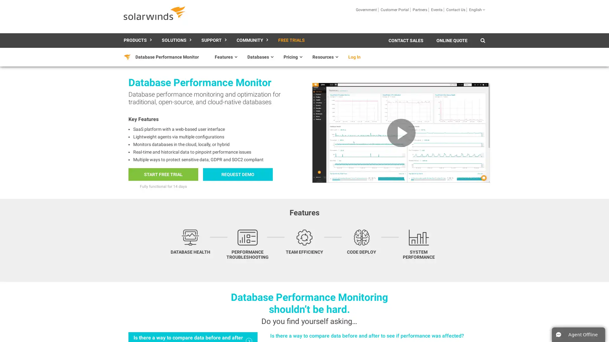 The image size is (609, 342). Describe the element at coordinates (401, 132) in the screenshot. I see `Play video Database Performance Monitor Overview. Opens in a modal` at that location.